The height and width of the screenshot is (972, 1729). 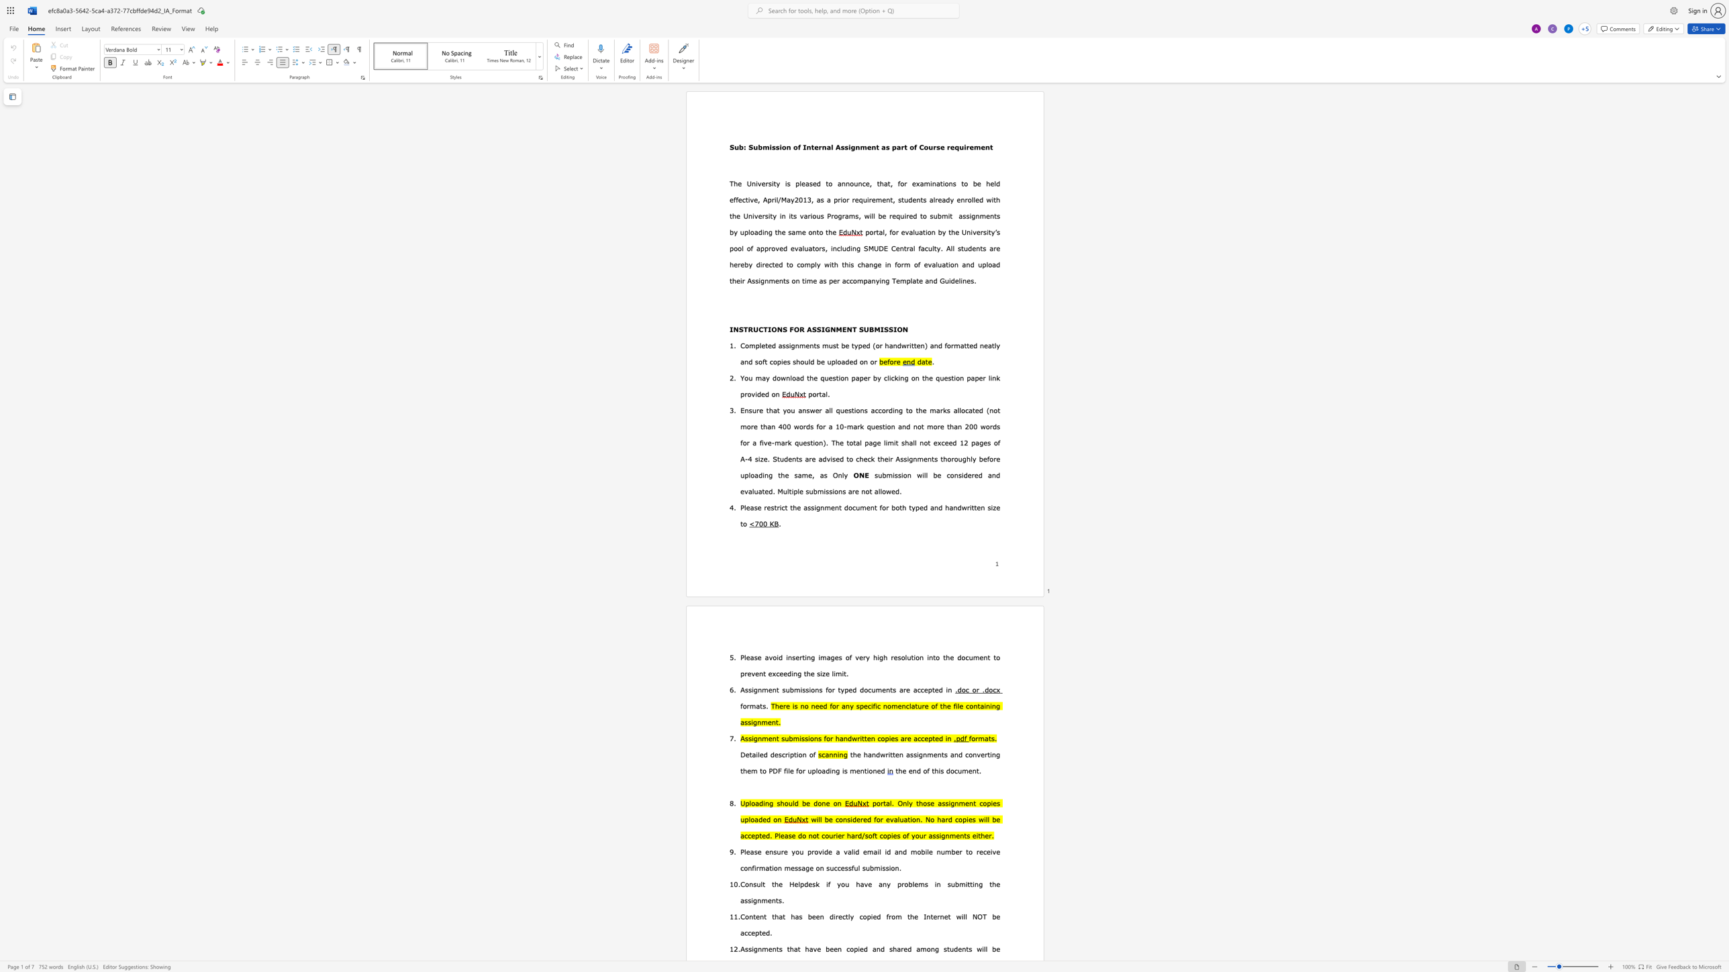 I want to click on the 4th character "d" in the text, so click(x=769, y=490).